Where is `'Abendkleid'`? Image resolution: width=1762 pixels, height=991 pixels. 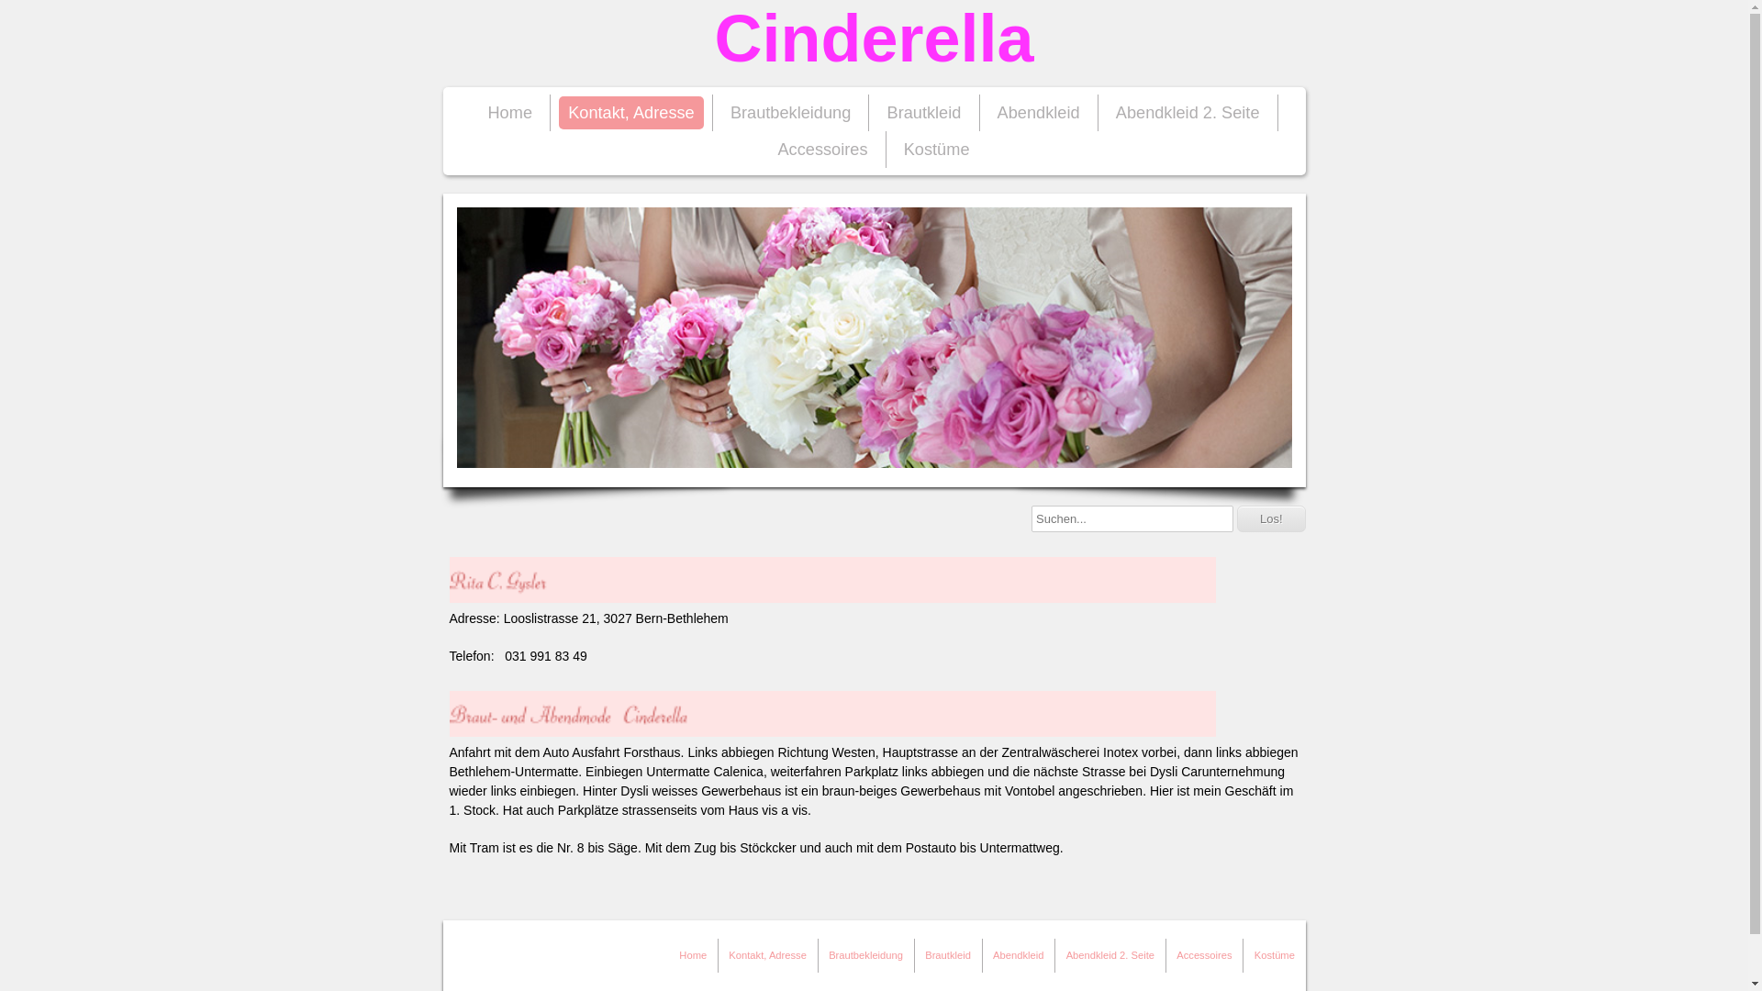
'Abendkleid' is located at coordinates (1039, 113).